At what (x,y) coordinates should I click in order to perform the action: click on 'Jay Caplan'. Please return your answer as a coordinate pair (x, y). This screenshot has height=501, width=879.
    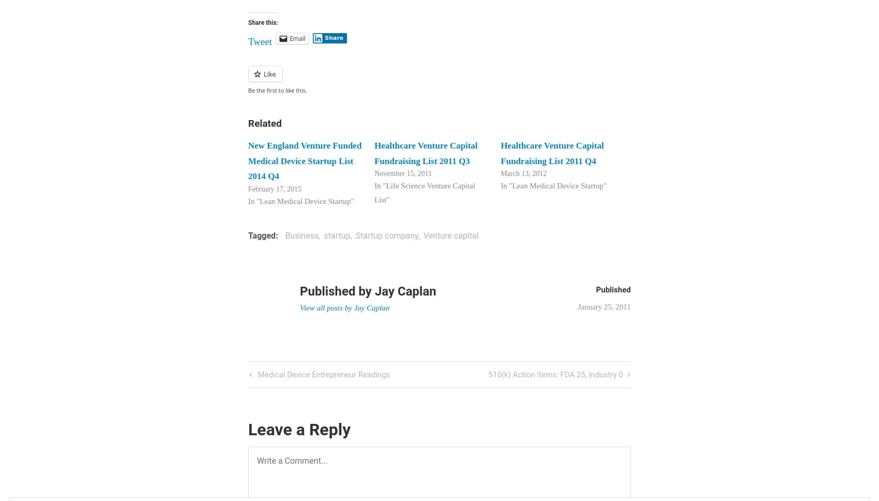
    Looking at the image, I should click on (374, 290).